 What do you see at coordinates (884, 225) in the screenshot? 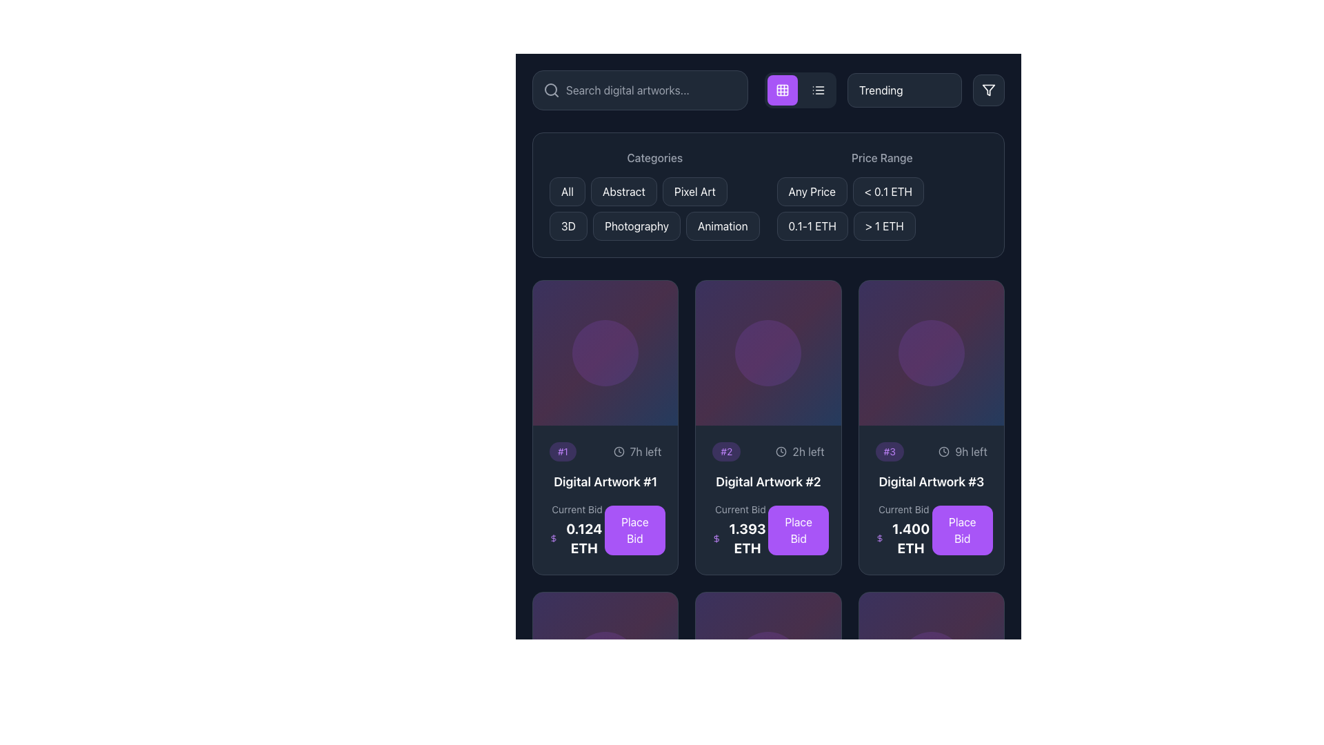
I see `the 'greater than 1 ETH' button in the price range filter section` at bounding box center [884, 225].